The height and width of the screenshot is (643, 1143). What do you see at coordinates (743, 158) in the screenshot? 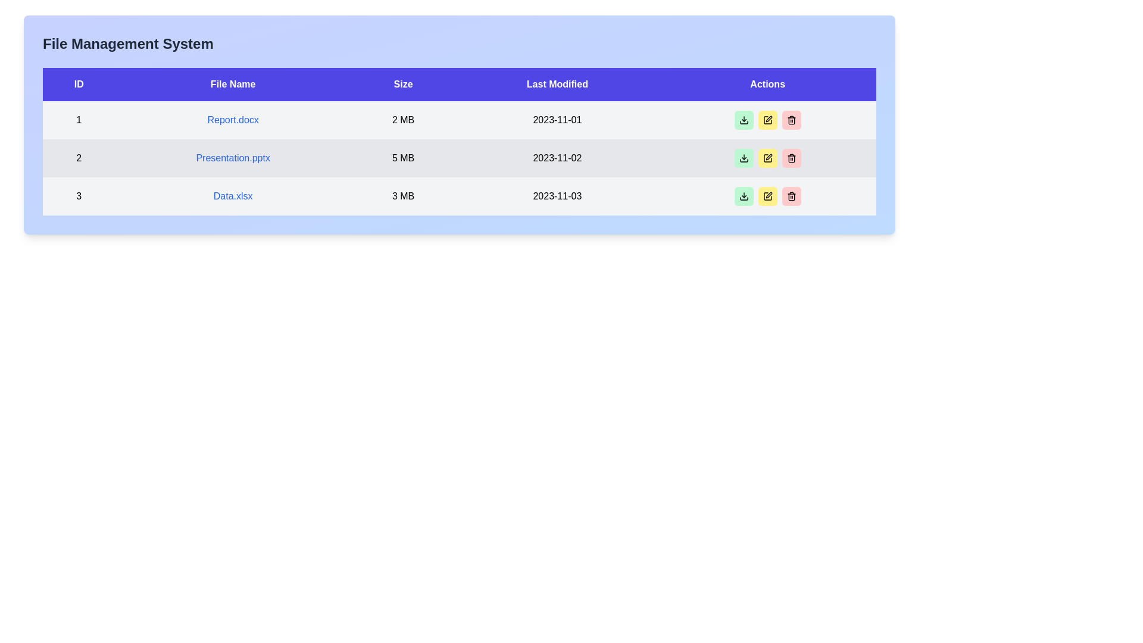
I see `the green download button with a rounded appearance in the 'Actions' column of the first row, corresponding to the file 'Report.docx'` at bounding box center [743, 158].